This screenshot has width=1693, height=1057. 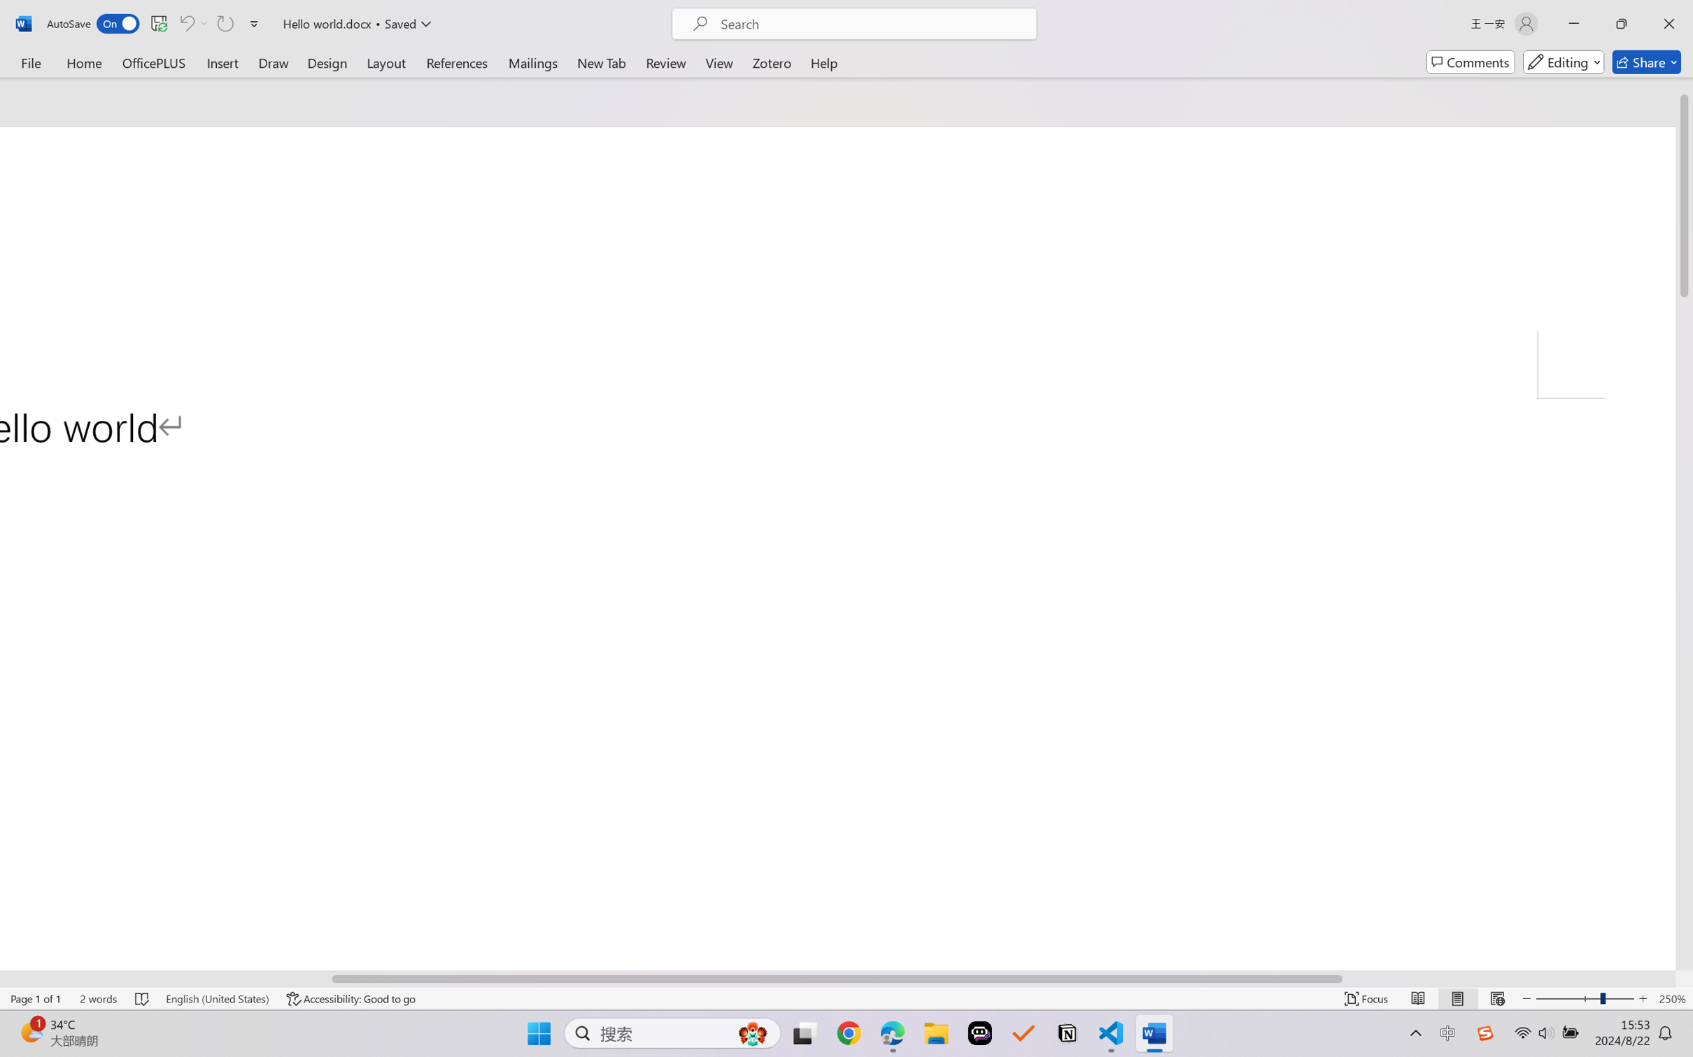 I want to click on 'Language English (United States)', so click(x=217, y=998).